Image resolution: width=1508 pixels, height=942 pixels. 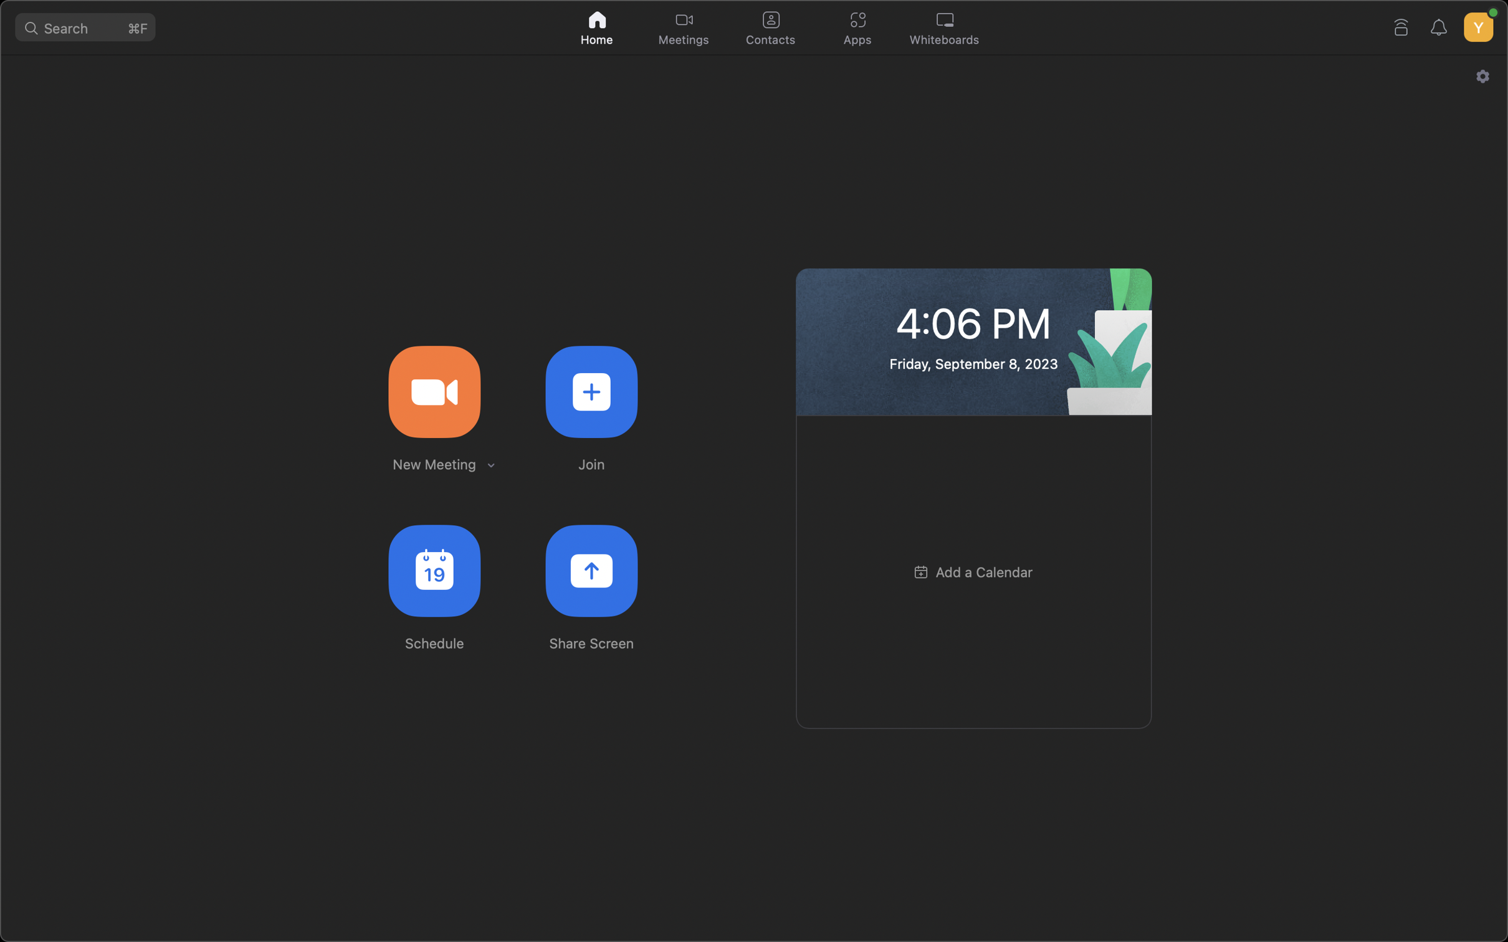 I want to click on To reach your account configurations, tap on the account symbol, so click(x=1477, y=24).